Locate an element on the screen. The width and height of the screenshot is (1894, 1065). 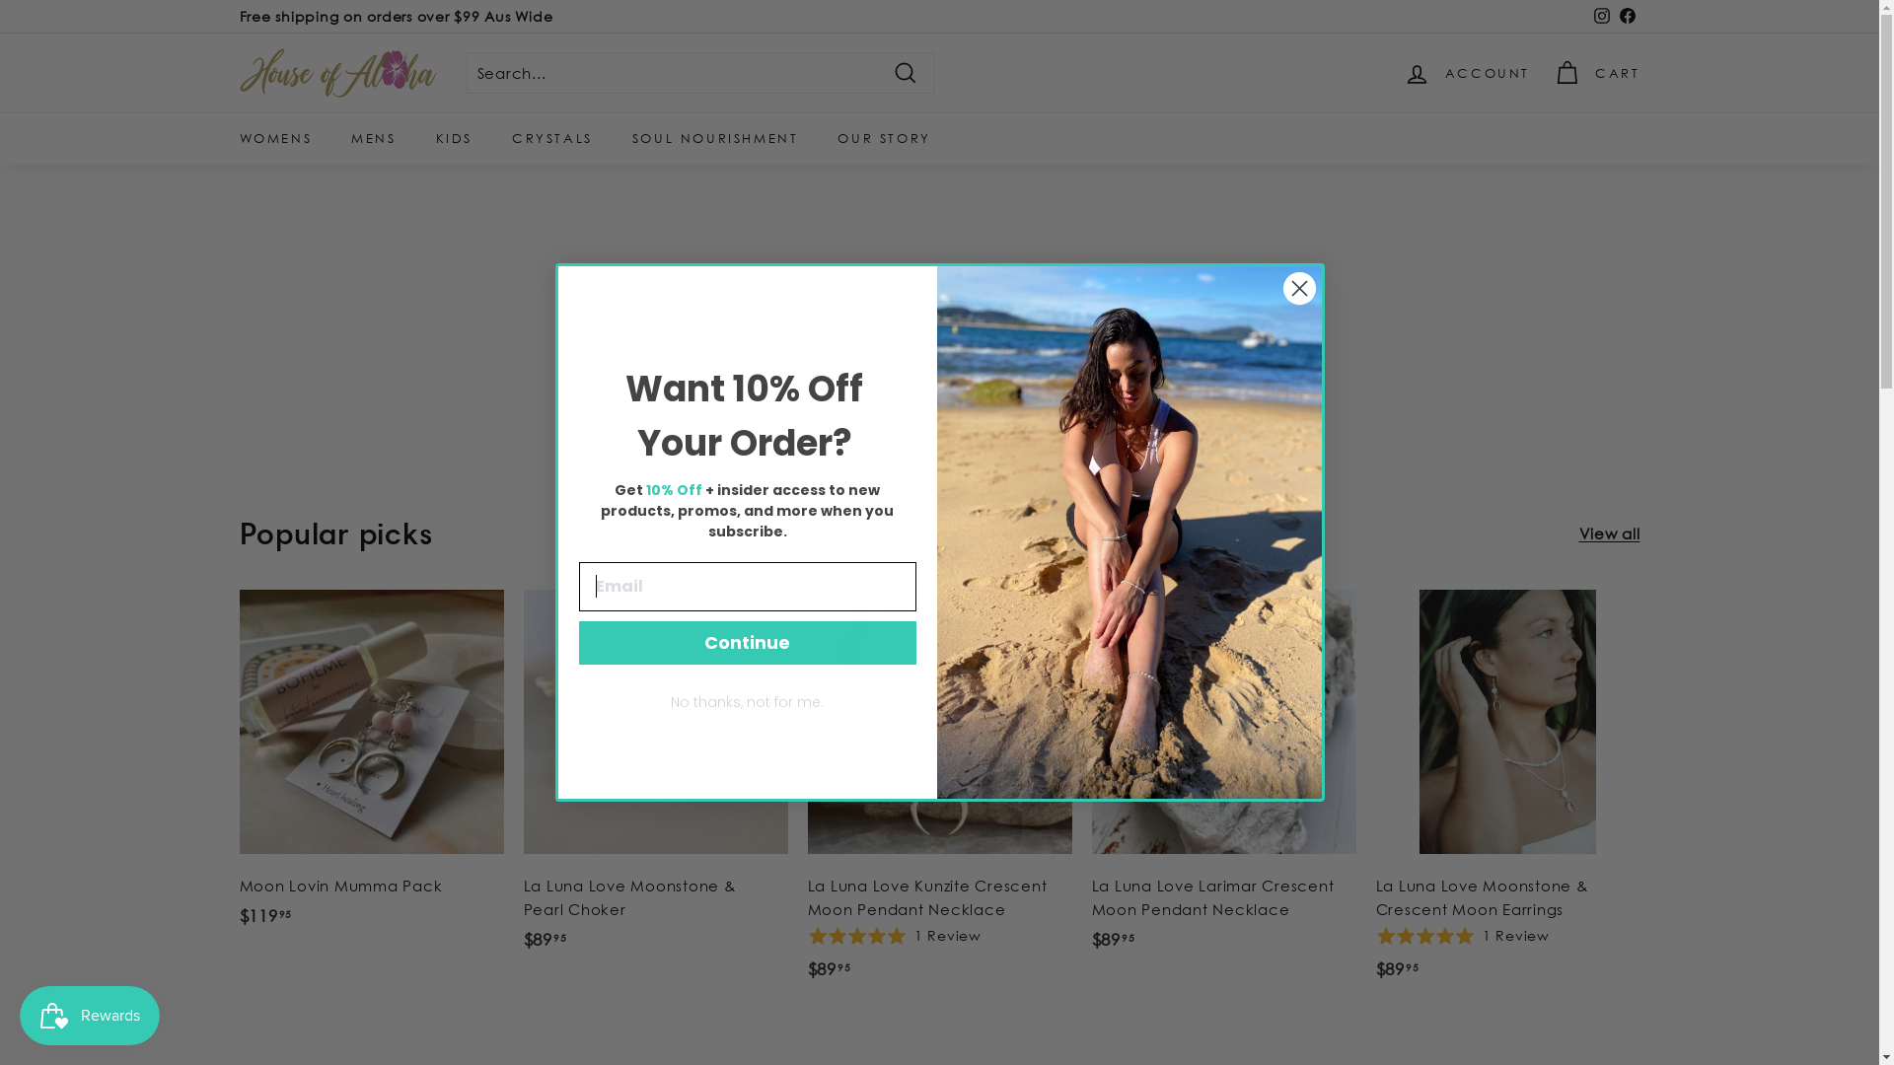
'Smile.io Rewards Program Launcher' is located at coordinates (89, 1015).